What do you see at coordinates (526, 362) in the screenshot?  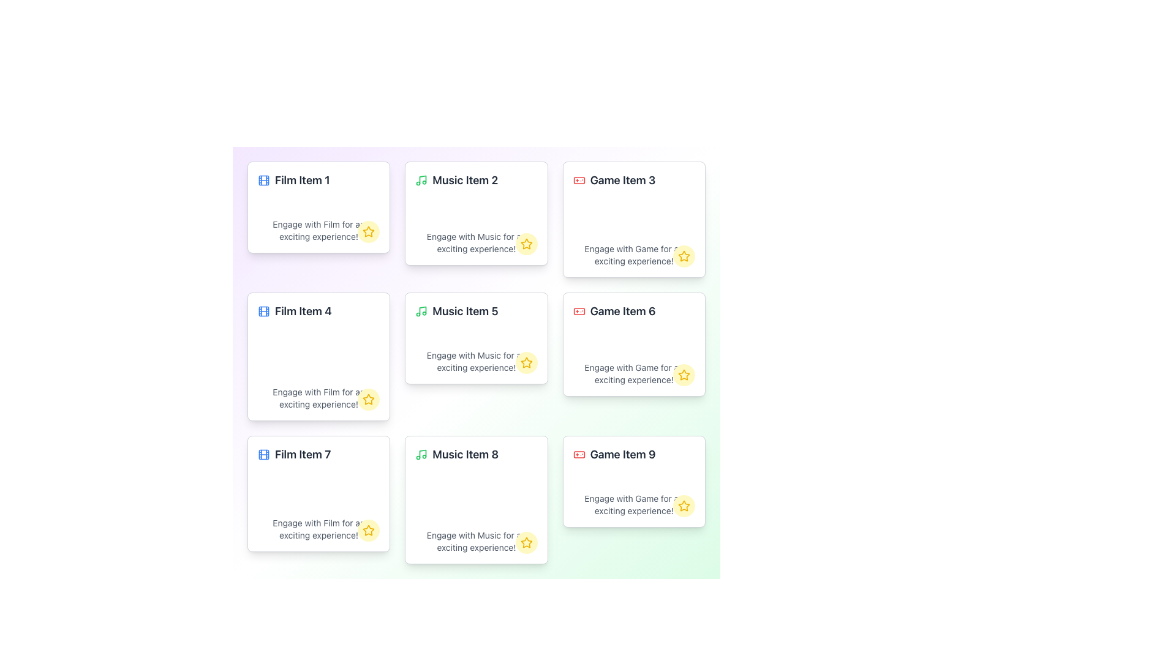 I see `the circular Icon button with a yellow background and a star icon at its center, located in the bottom-right corner of the 'Music Item 5' card` at bounding box center [526, 362].